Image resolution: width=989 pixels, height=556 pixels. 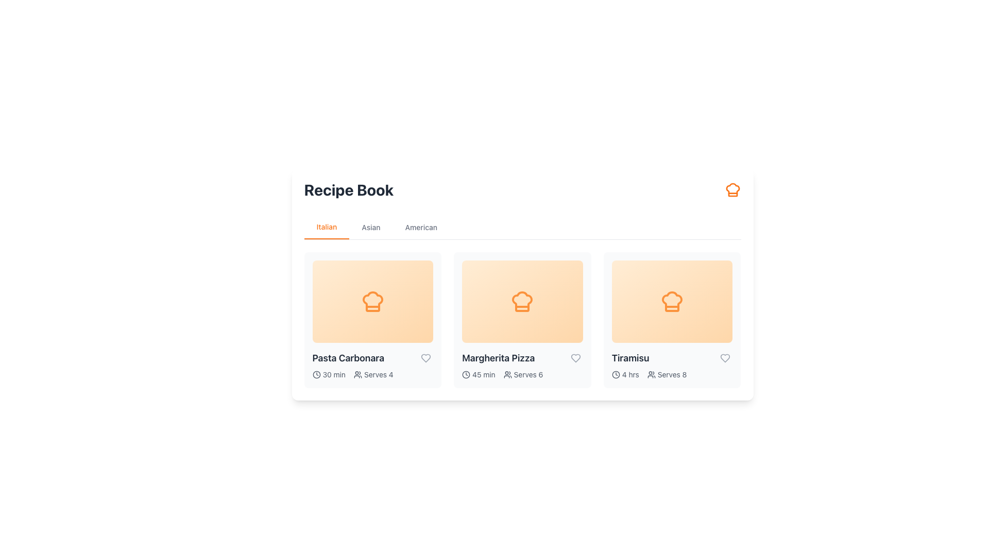 What do you see at coordinates (372, 357) in the screenshot?
I see `text label displaying 'Pasta Carbonara' which is located in the first recipe card under the 'Italian' tab, below the orange chef icon and to the left of the heart icon` at bounding box center [372, 357].